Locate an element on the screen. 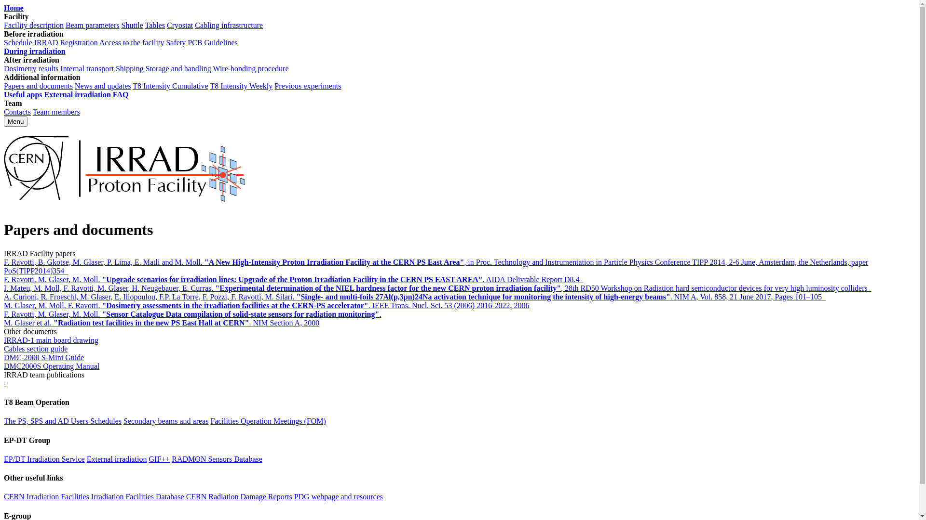 This screenshot has width=926, height=520. 'Shipping' is located at coordinates (129, 68).